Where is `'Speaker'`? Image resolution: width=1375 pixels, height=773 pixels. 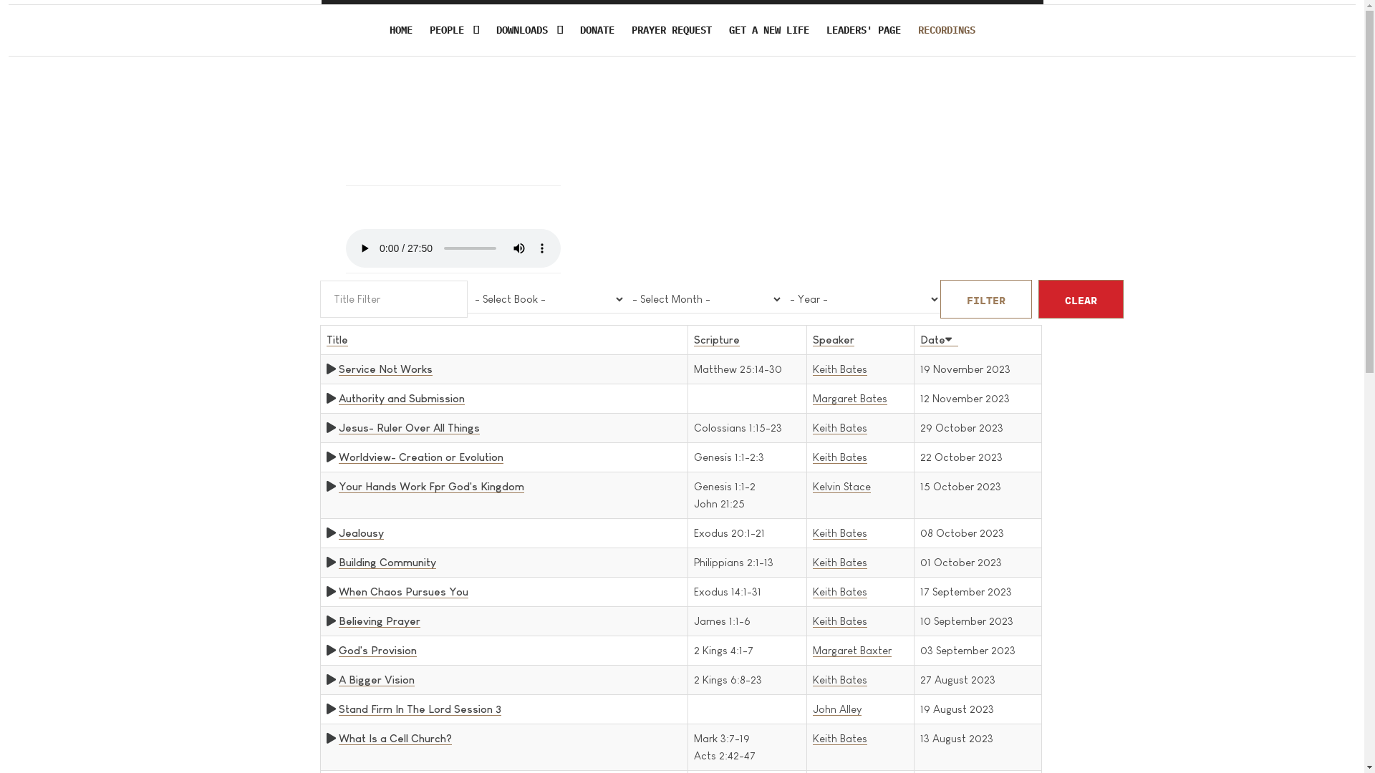
'Speaker' is located at coordinates (833, 339).